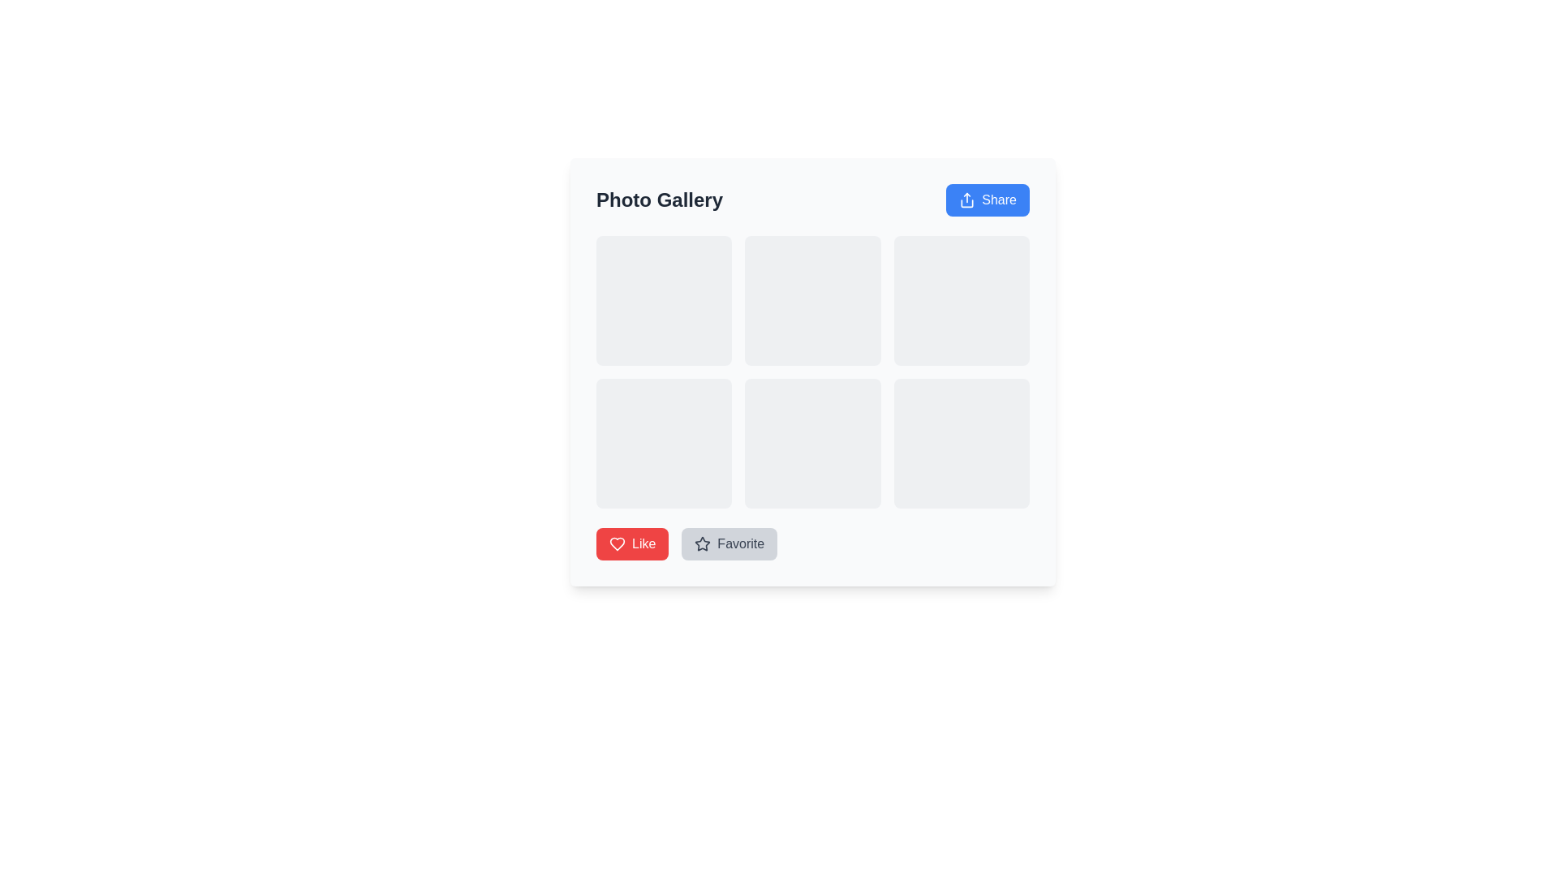  What do you see at coordinates (962, 300) in the screenshot?
I see `the third item in the top row of the 3x2 grid layout, which serves as a placeholder or loading indicator` at bounding box center [962, 300].